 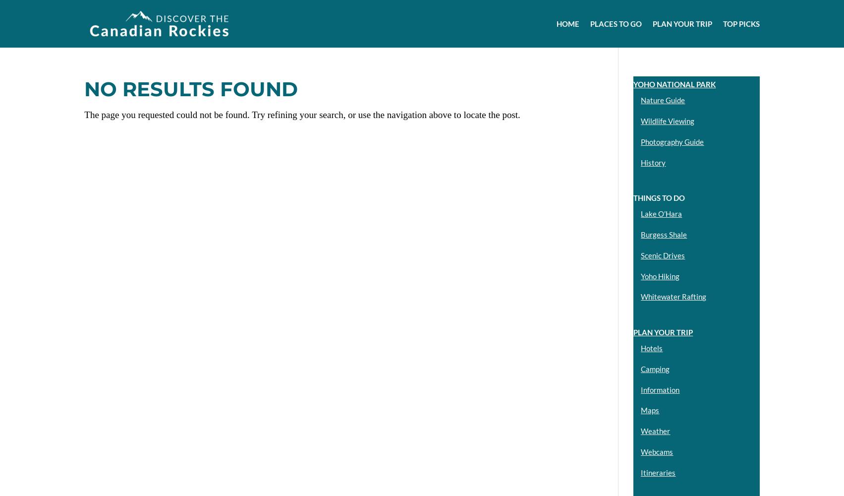 What do you see at coordinates (301, 114) in the screenshot?
I see `'The page you requested could not be found. Try refining your search, or use the navigation above to locate the post.'` at bounding box center [301, 114].